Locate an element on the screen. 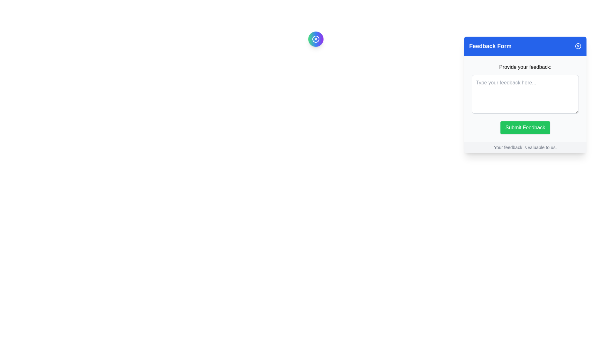 Image resolution: width=612 pixels, height=344 pixels. the compact circular button with a gradient color and a white 'X' icon to observe any hover effects is located at coordinates (316, 39).